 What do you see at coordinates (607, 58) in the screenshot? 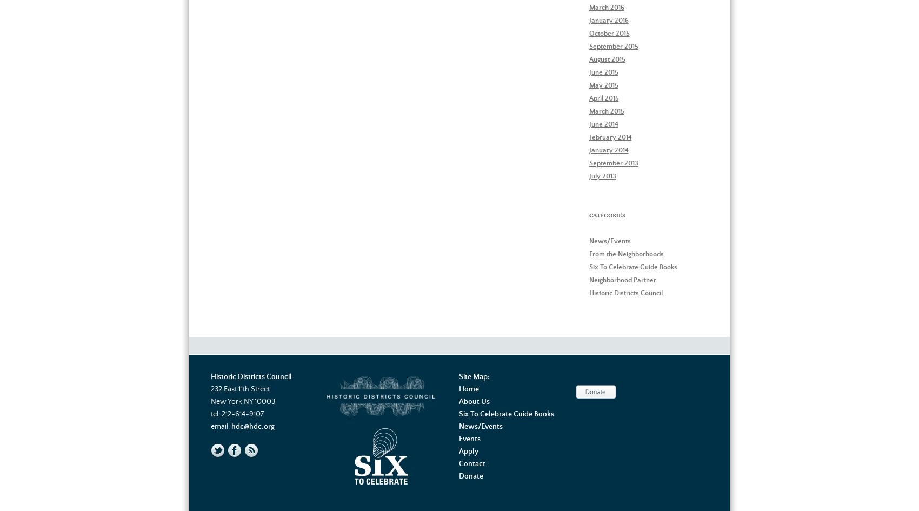
I see `'August 2015'` at bounding box center [607, 58].